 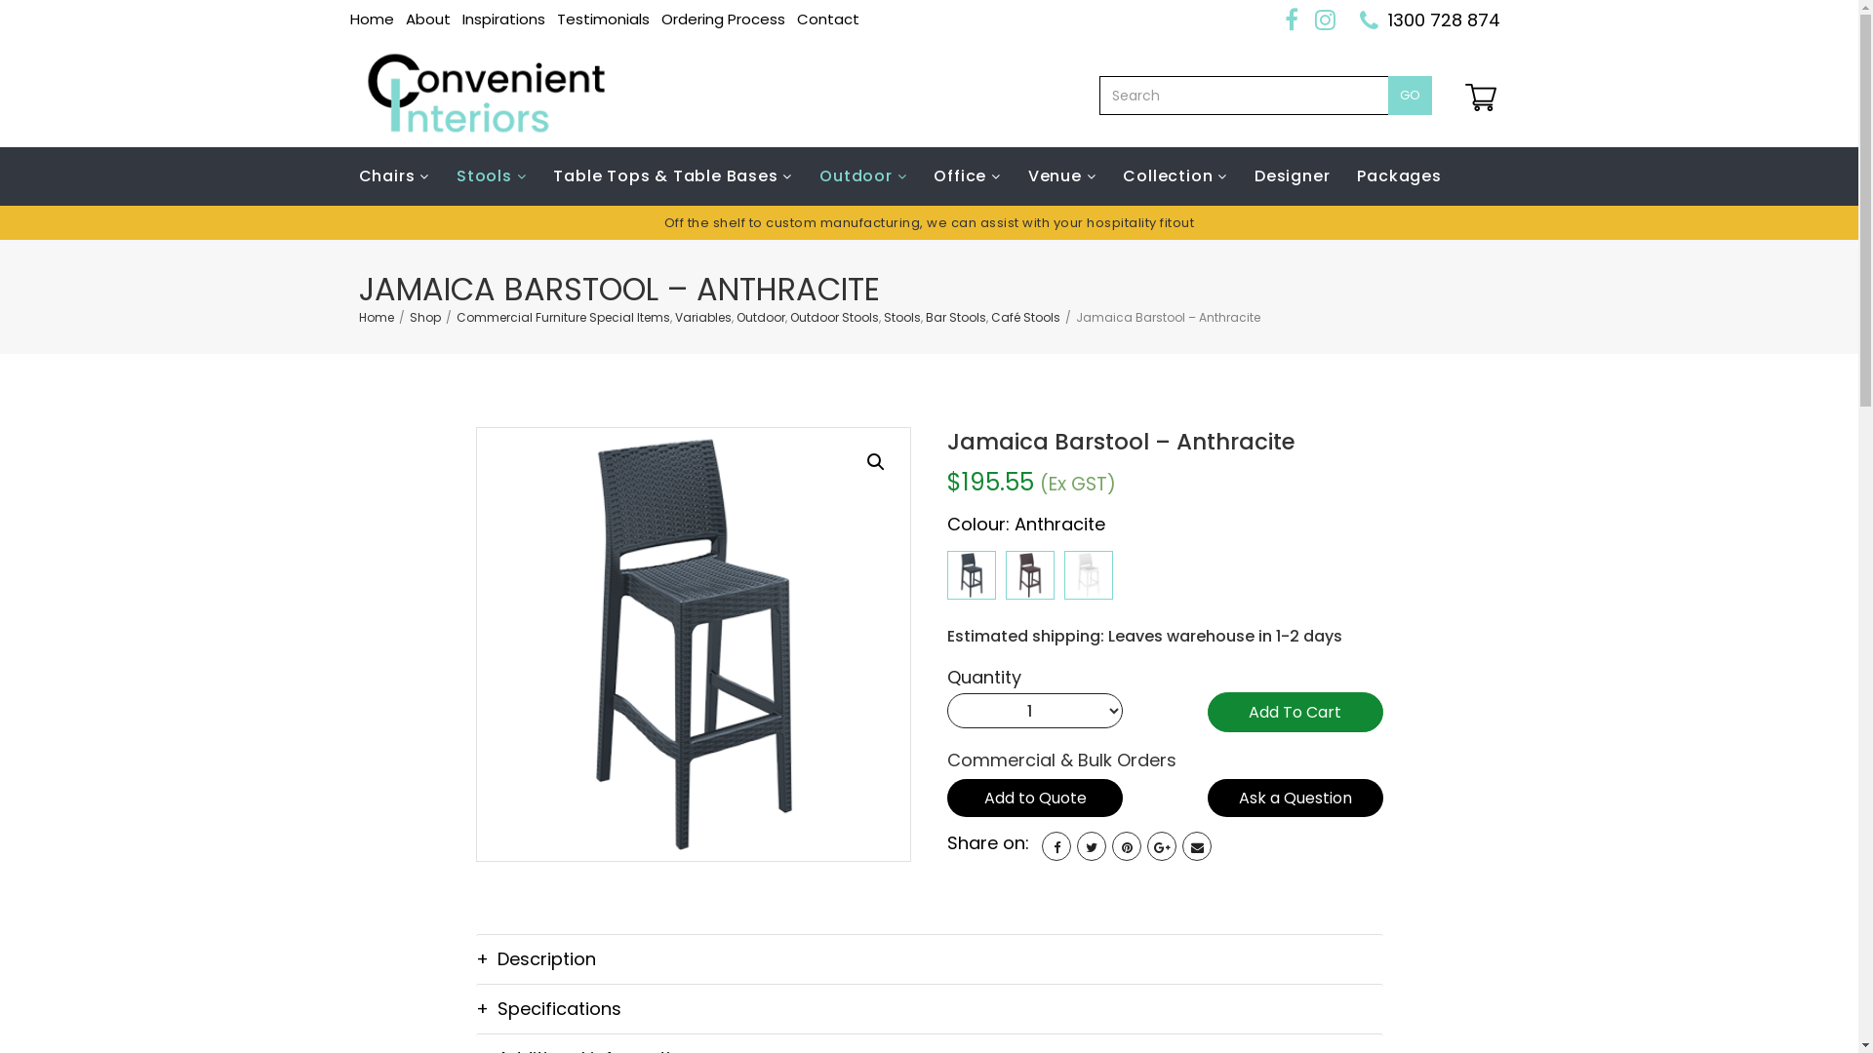 I want to click on 'Variables', so click(x=702, y=316).